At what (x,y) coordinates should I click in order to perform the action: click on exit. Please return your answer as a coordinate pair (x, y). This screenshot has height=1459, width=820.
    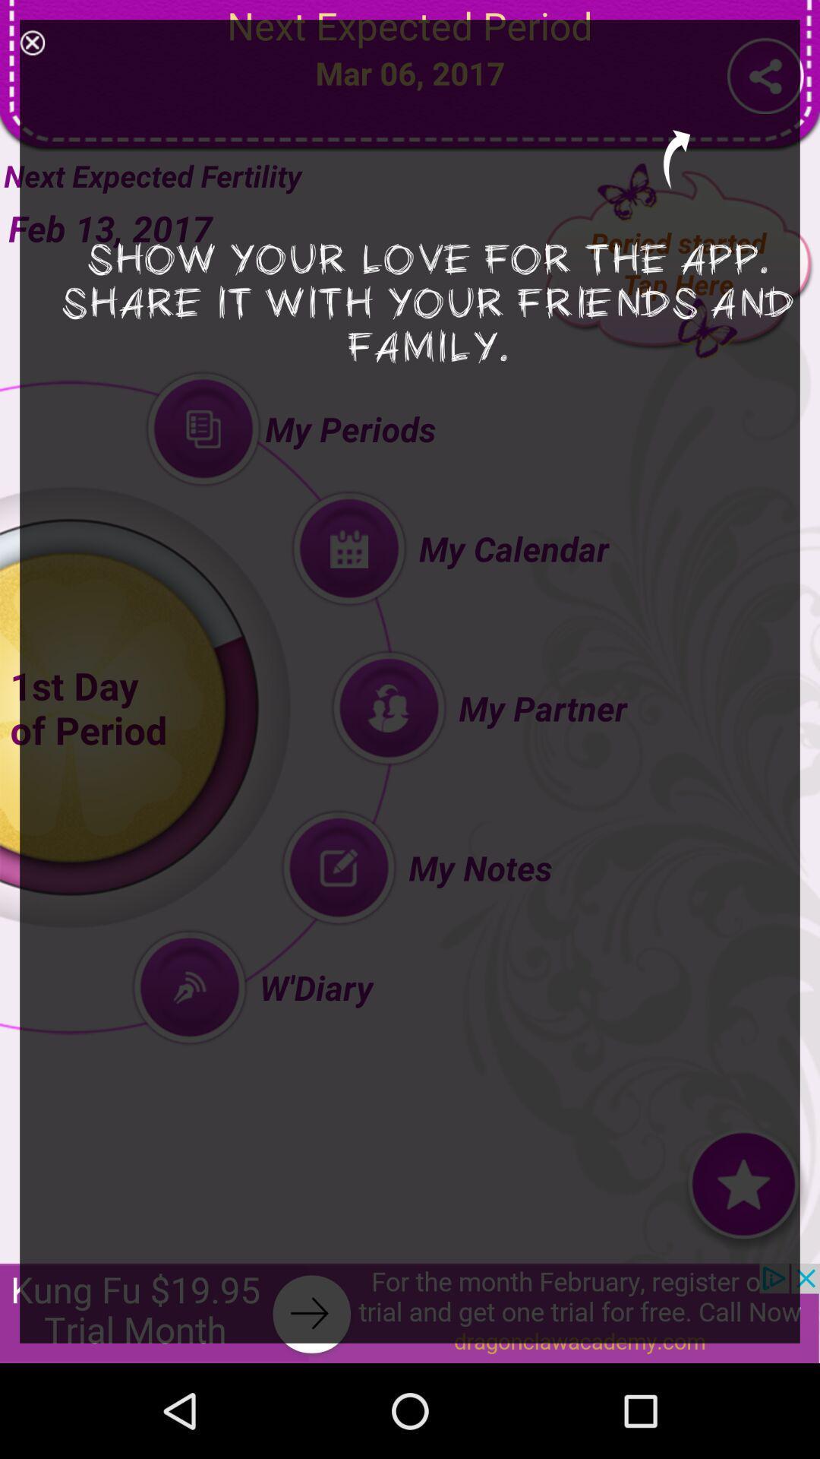
    Looking at the image, I should click on (32, 43).